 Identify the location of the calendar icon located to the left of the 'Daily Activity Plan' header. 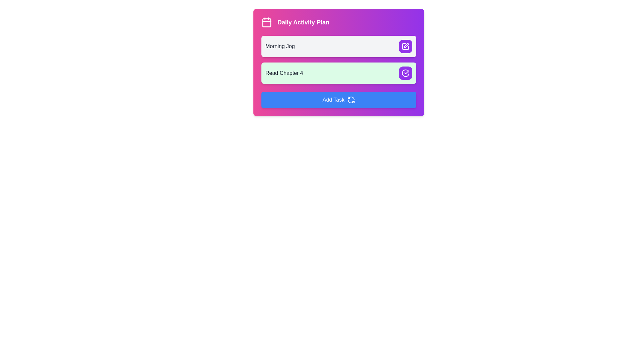
(266, 22).